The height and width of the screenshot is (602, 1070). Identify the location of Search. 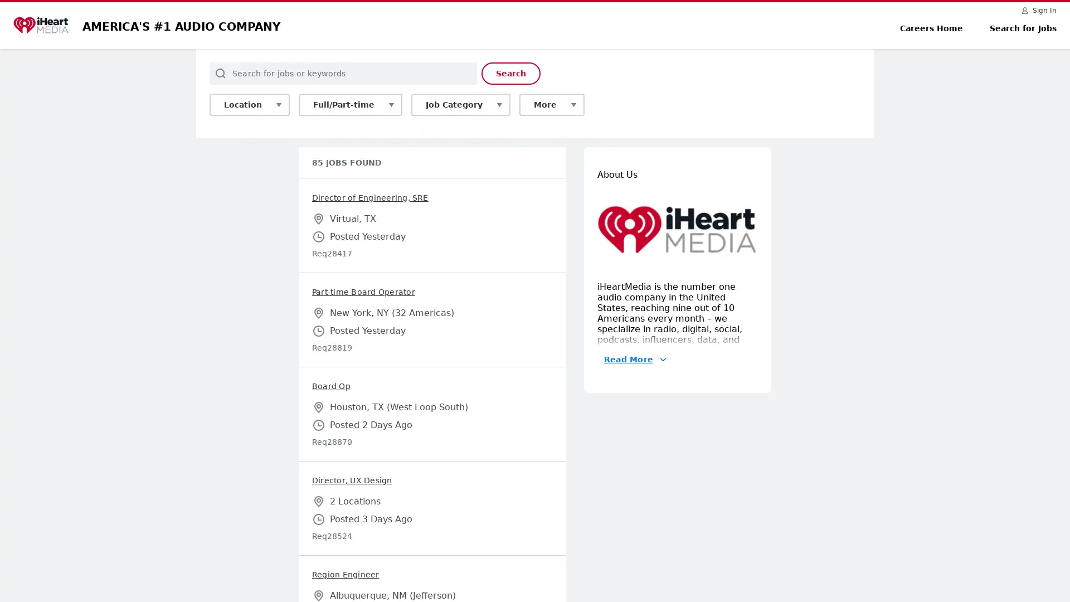
(508, 279).